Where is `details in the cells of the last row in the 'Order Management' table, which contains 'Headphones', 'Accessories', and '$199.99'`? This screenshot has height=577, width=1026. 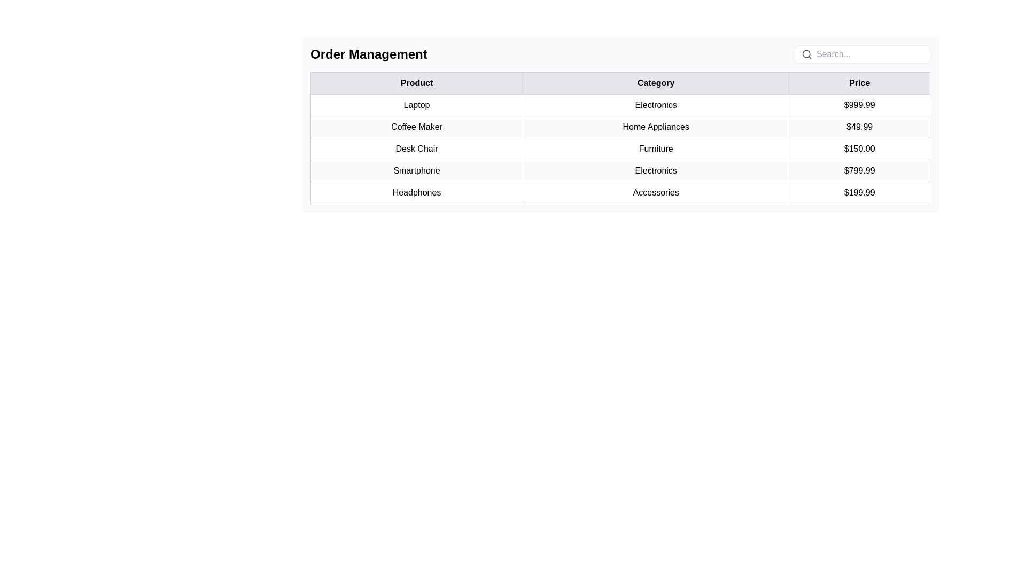 details in the cells of the last row in the 'Order Management' table, which contains 'Headphones', 'Accessories', and '$199.99' is located at coordinates (620, 193).